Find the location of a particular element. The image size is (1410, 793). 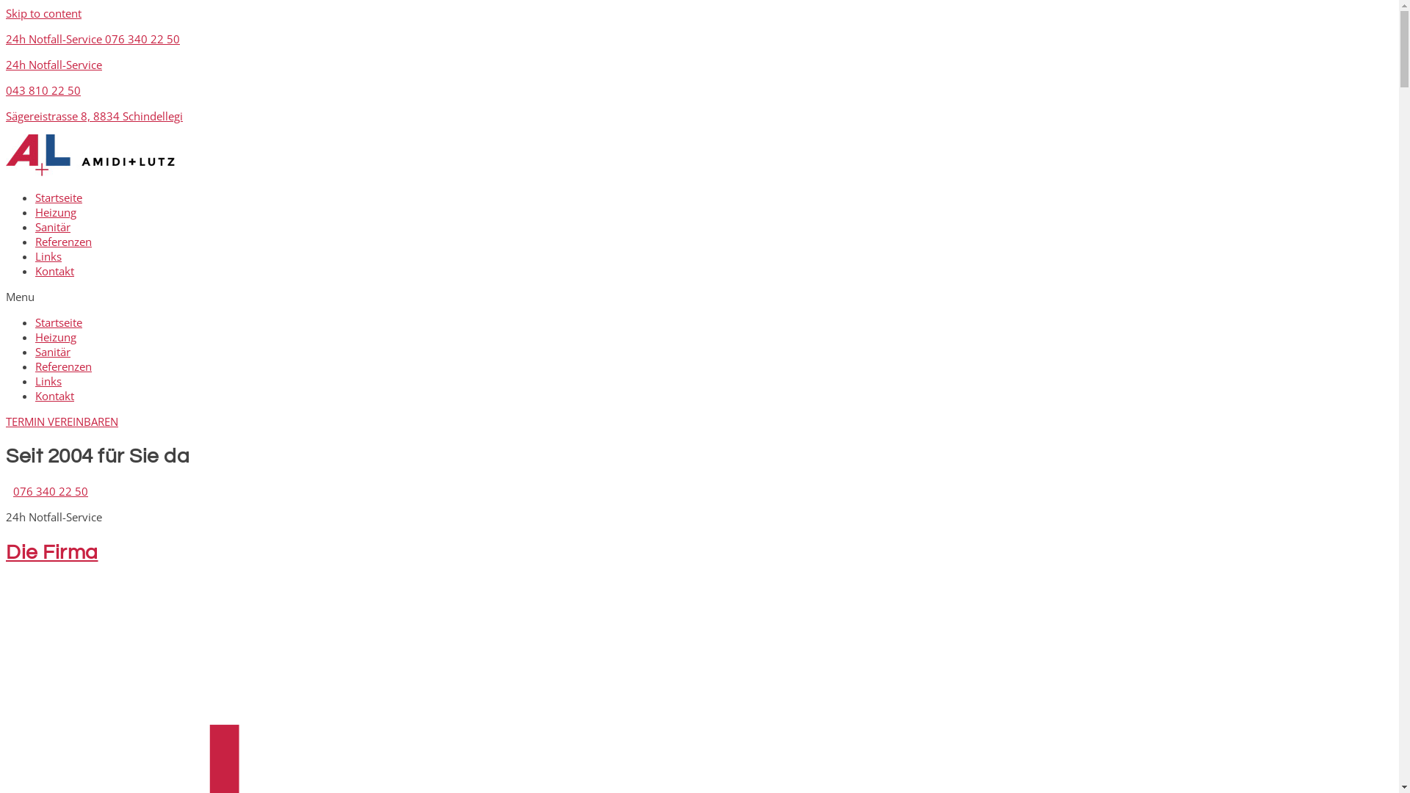

'TERMIN VEREINBAREN' is located at coordinates (6, 421).